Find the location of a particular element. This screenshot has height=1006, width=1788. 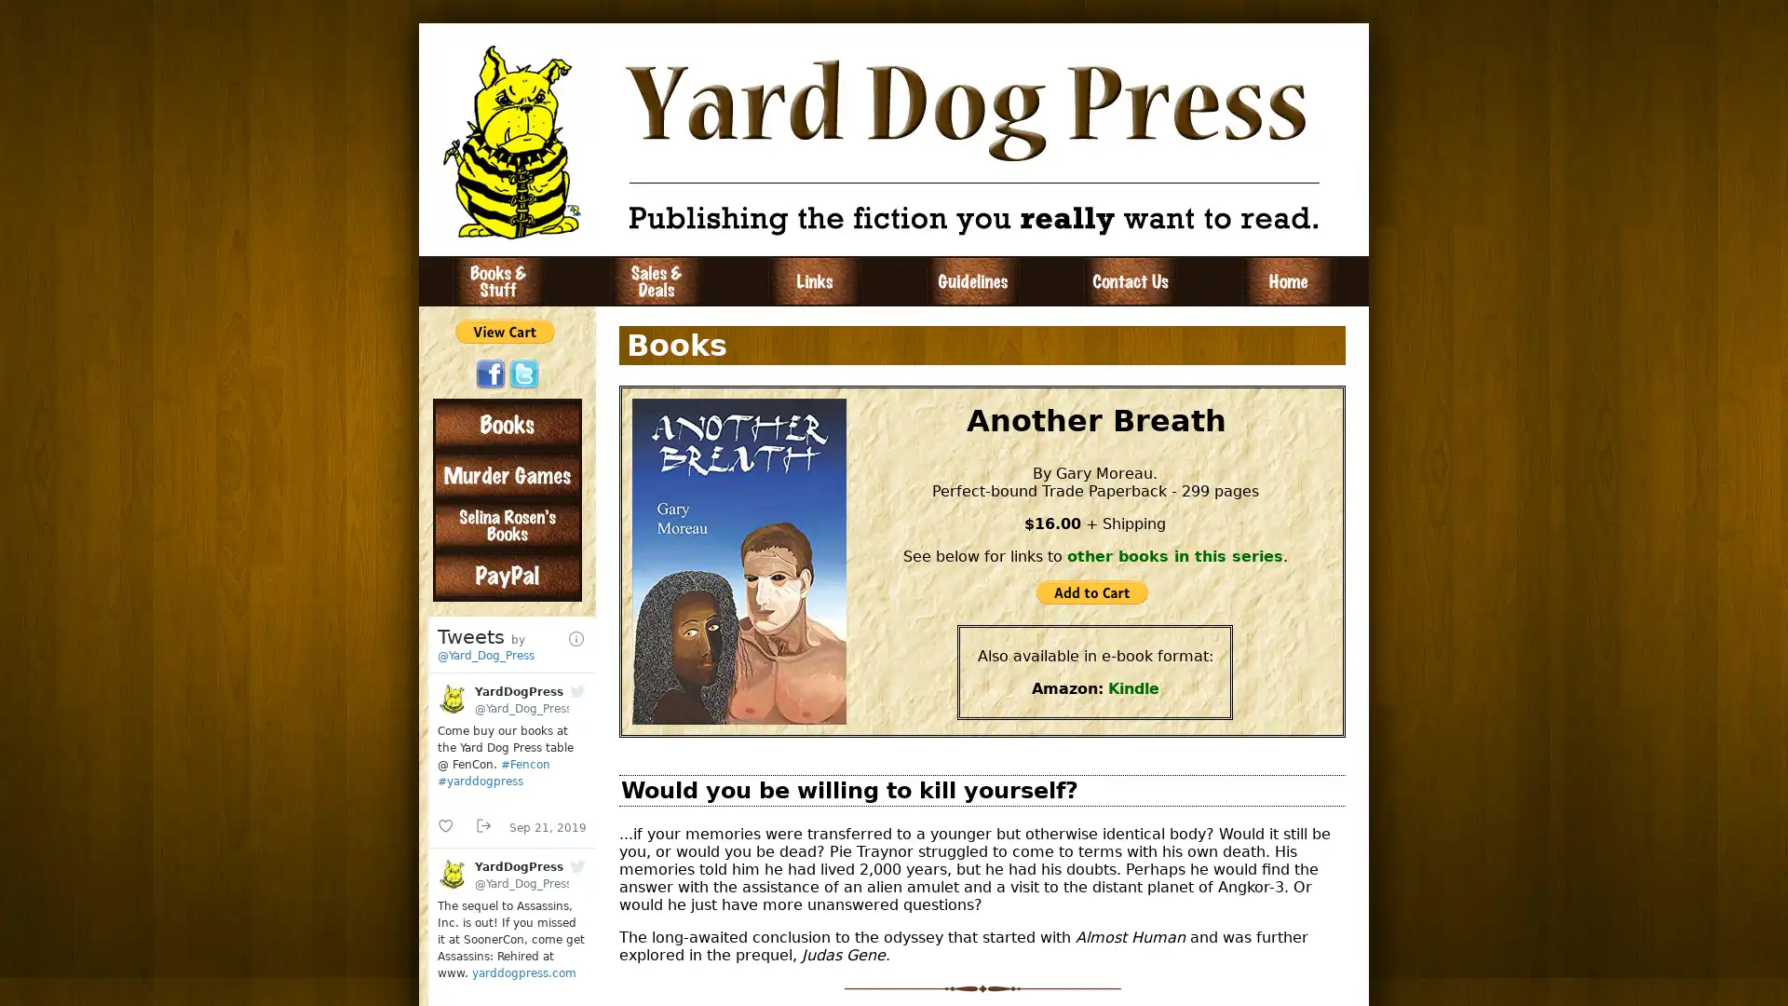

PayPal - The safer, easier way to pay online! is located at coordinates (1091, 592).